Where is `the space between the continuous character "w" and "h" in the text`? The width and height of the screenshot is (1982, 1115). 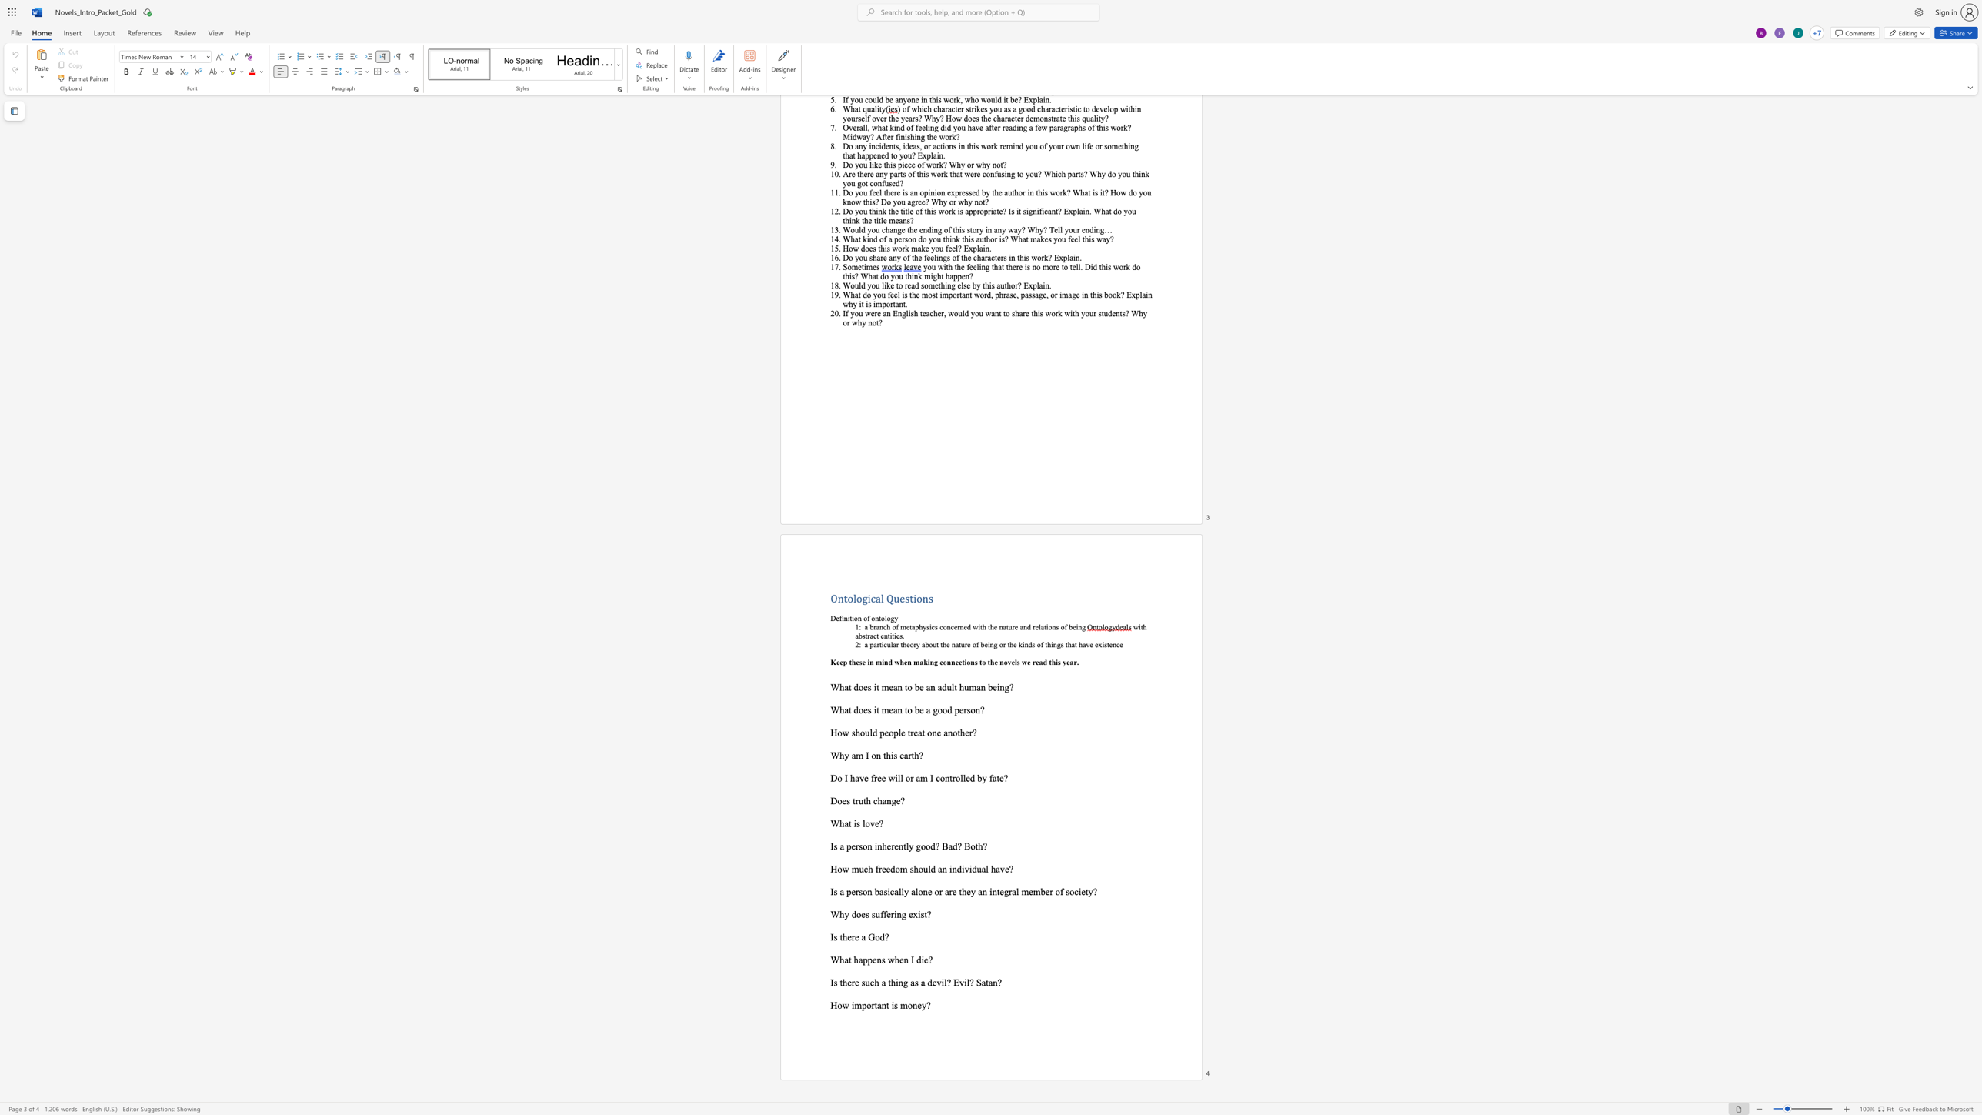 the space between the continuous character "w" and "h" in the text is located at coordinates (893, 959).